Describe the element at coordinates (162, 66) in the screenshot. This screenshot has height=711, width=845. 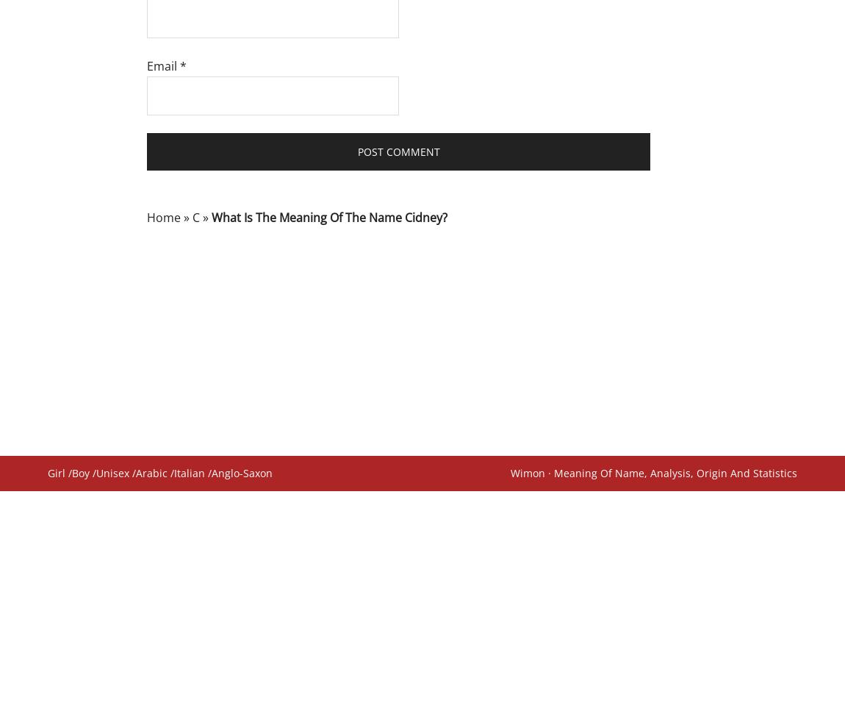
I see `'Email'` at that location.